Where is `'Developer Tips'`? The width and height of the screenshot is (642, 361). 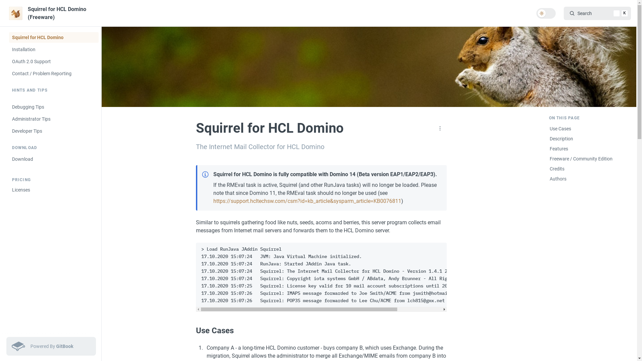
'Developer Tips' is located at coordinates (53, 131).